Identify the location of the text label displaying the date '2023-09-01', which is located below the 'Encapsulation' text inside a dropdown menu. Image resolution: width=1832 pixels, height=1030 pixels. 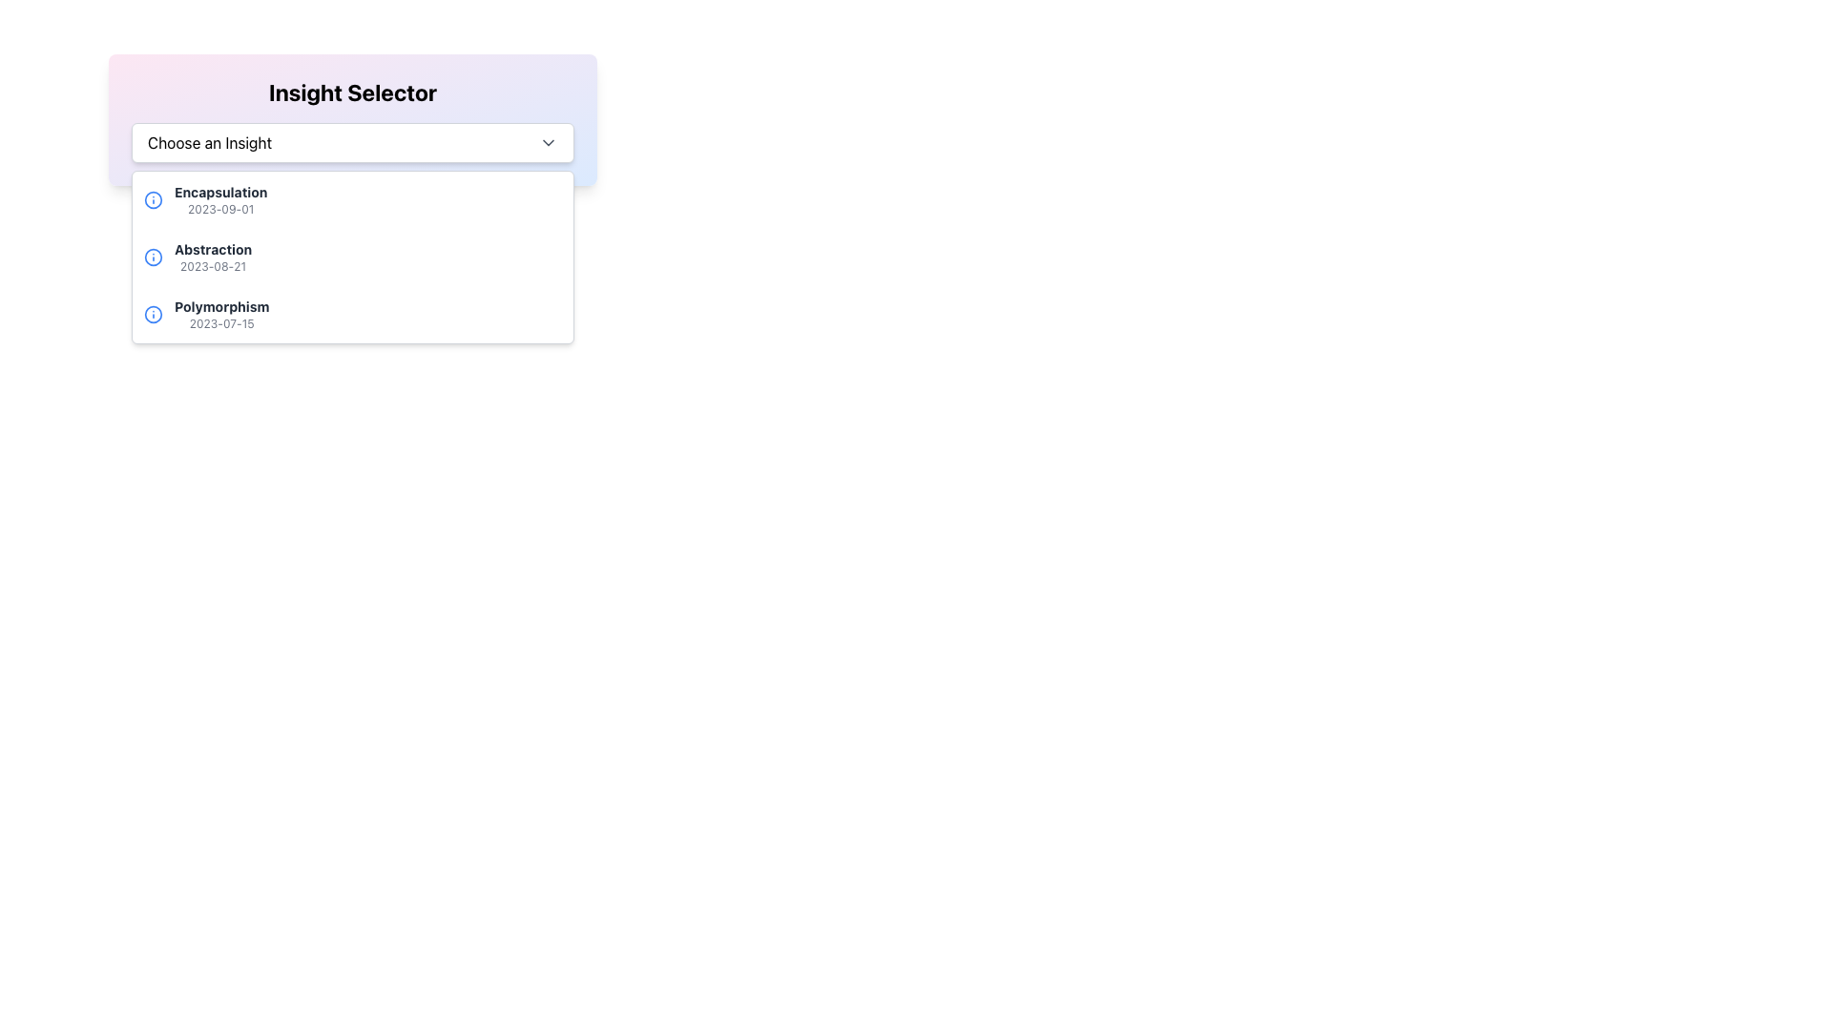
(220, 209).